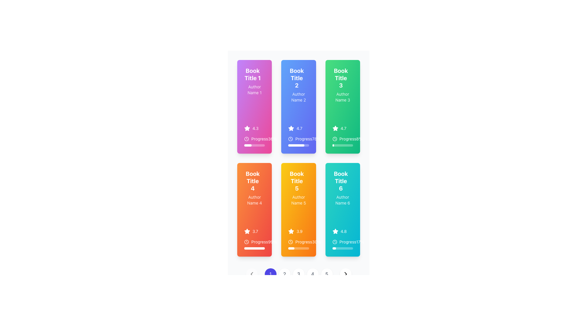  Describe the element at coordinates (247, 231) in the screenshot. I see `star-shaped icon with a white fill and orange outline located in the fourth card of the grid for its rating symbolism` at that location.